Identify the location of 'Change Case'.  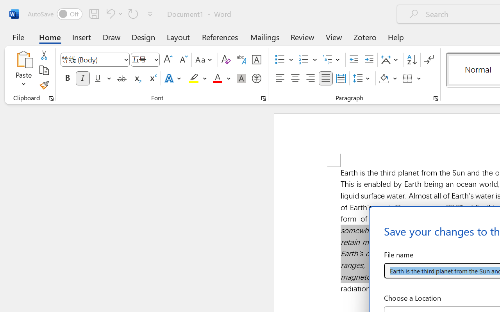
(205, 60).